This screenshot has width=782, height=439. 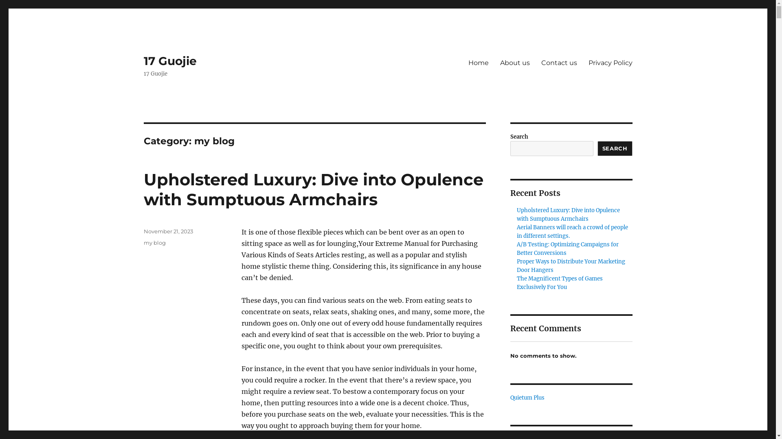 I want to click on 'About us', so click(x=494, y=62).